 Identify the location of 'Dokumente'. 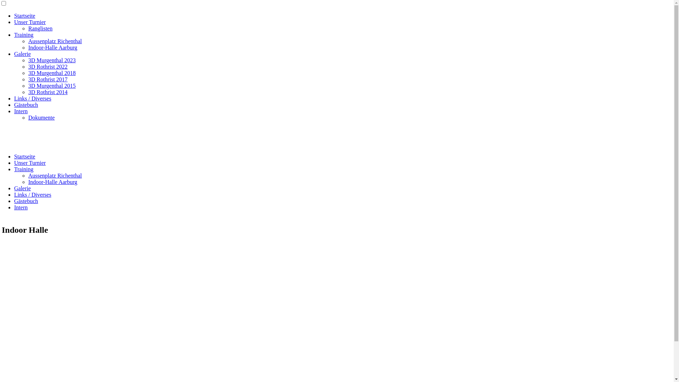
(41, 117).